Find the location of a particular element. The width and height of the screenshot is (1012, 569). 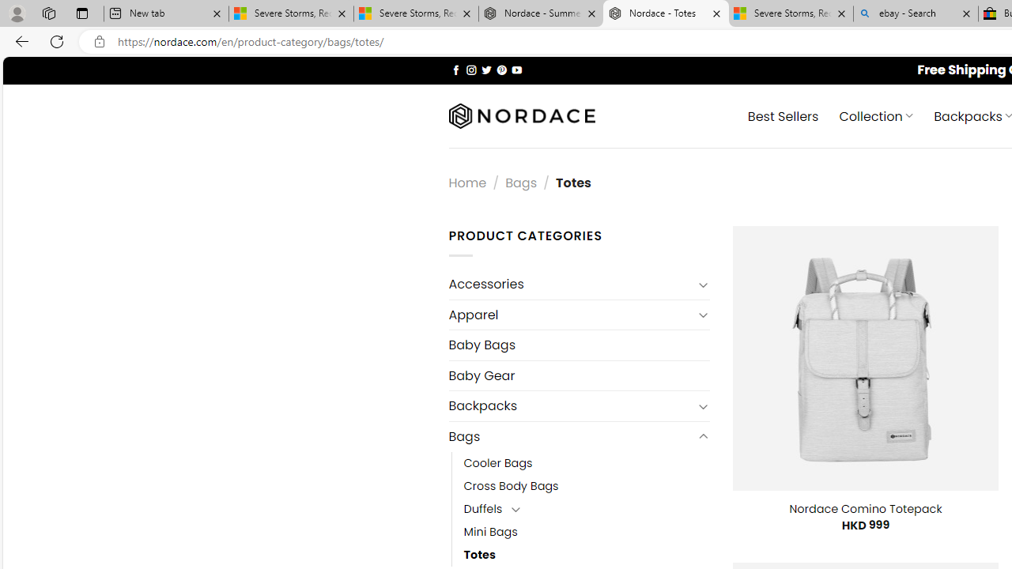

'Baby Bags' is located at coordinates (578, 345).